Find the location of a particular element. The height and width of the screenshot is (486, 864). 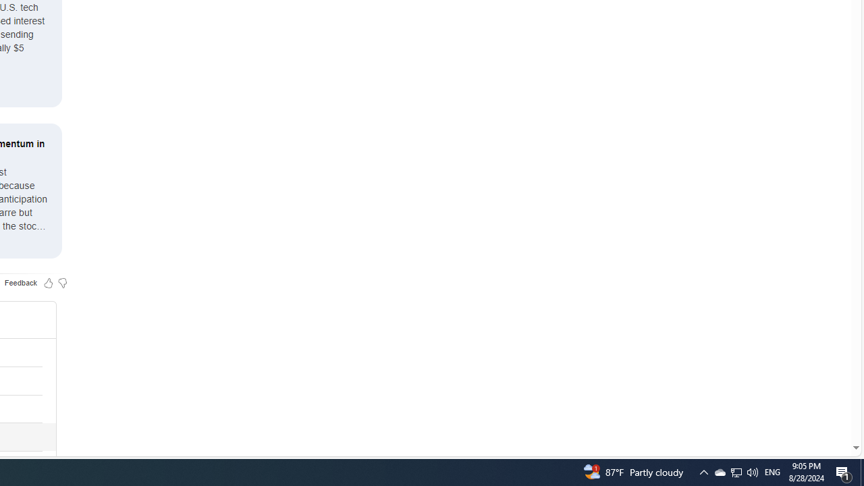

'Feedback Like' is located at coordinates (48, 282).